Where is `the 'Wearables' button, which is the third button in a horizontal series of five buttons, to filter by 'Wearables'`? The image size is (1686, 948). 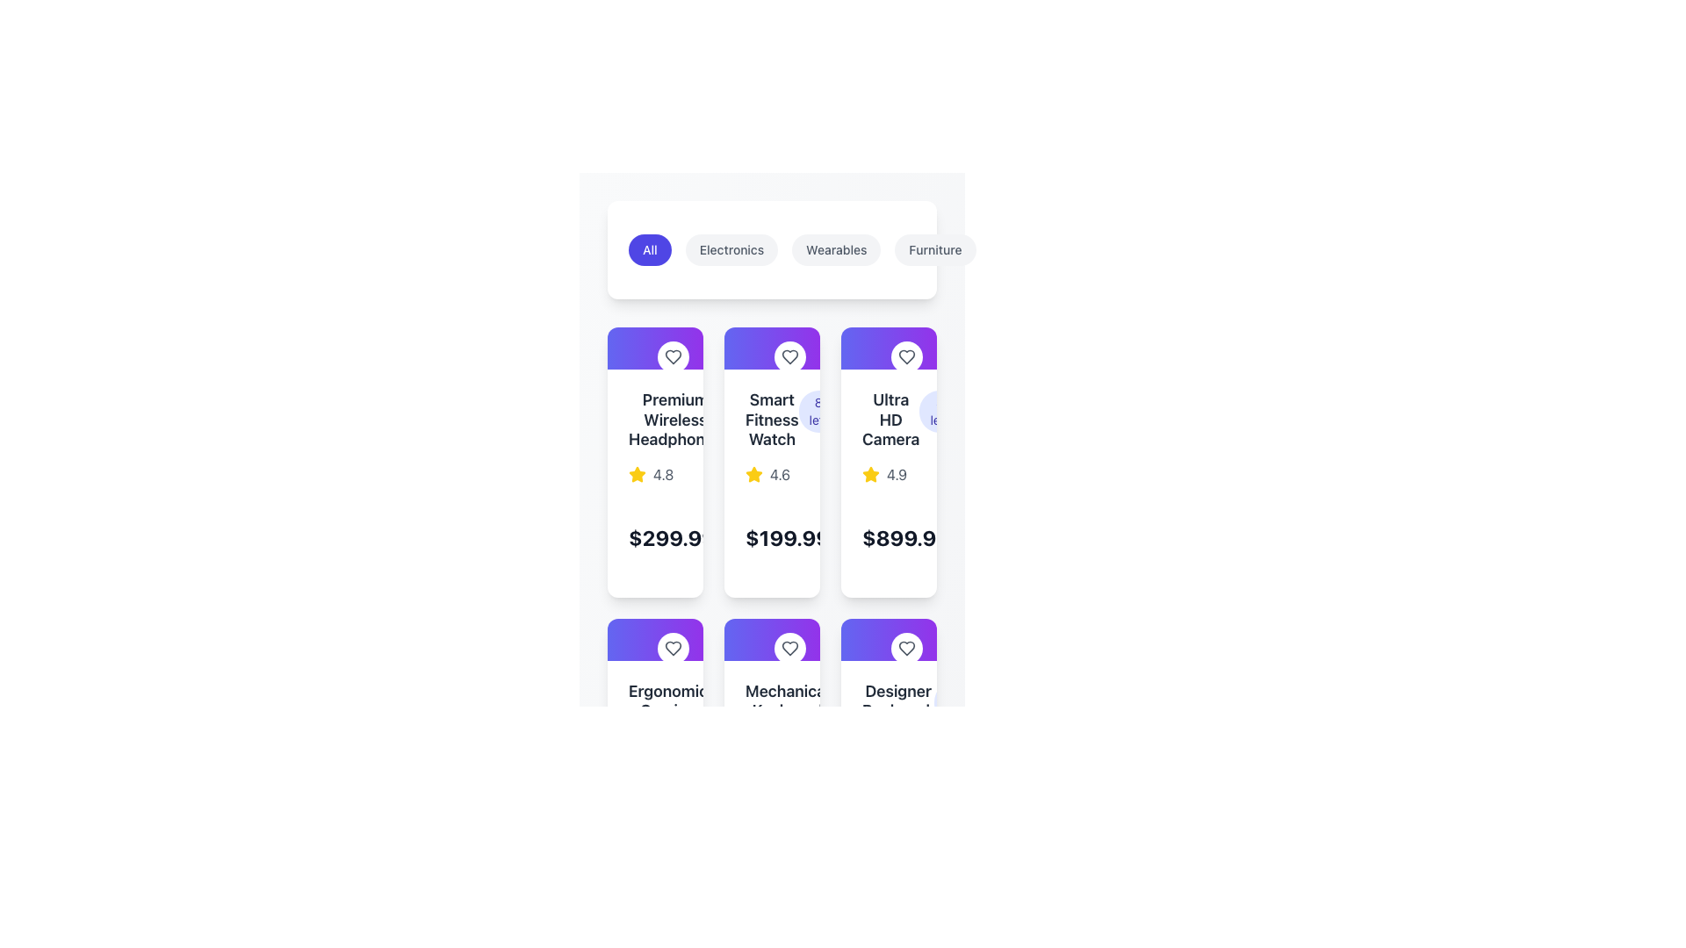
the 'Wearables' button, which is the third button in a horizontal series of five buttons, to filter by 'Wearables' is located at coordinates (846, 250).